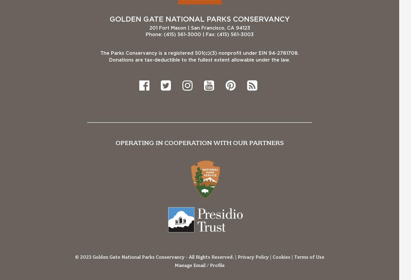 The width and height of the screenshot is (411, 280). I want to click on '© 2023 Golden Gate National Parks Conservancy - All Rights Reserved. |', so click(156, 257).